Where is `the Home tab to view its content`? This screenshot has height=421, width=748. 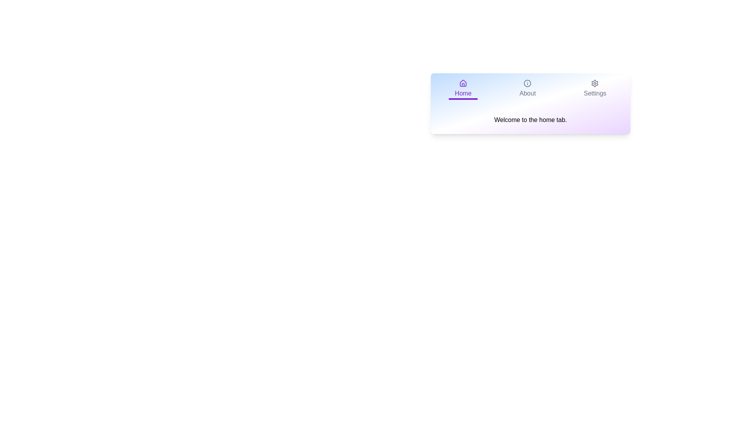
the Home tab to view its content is located at coordinates (463, 89).